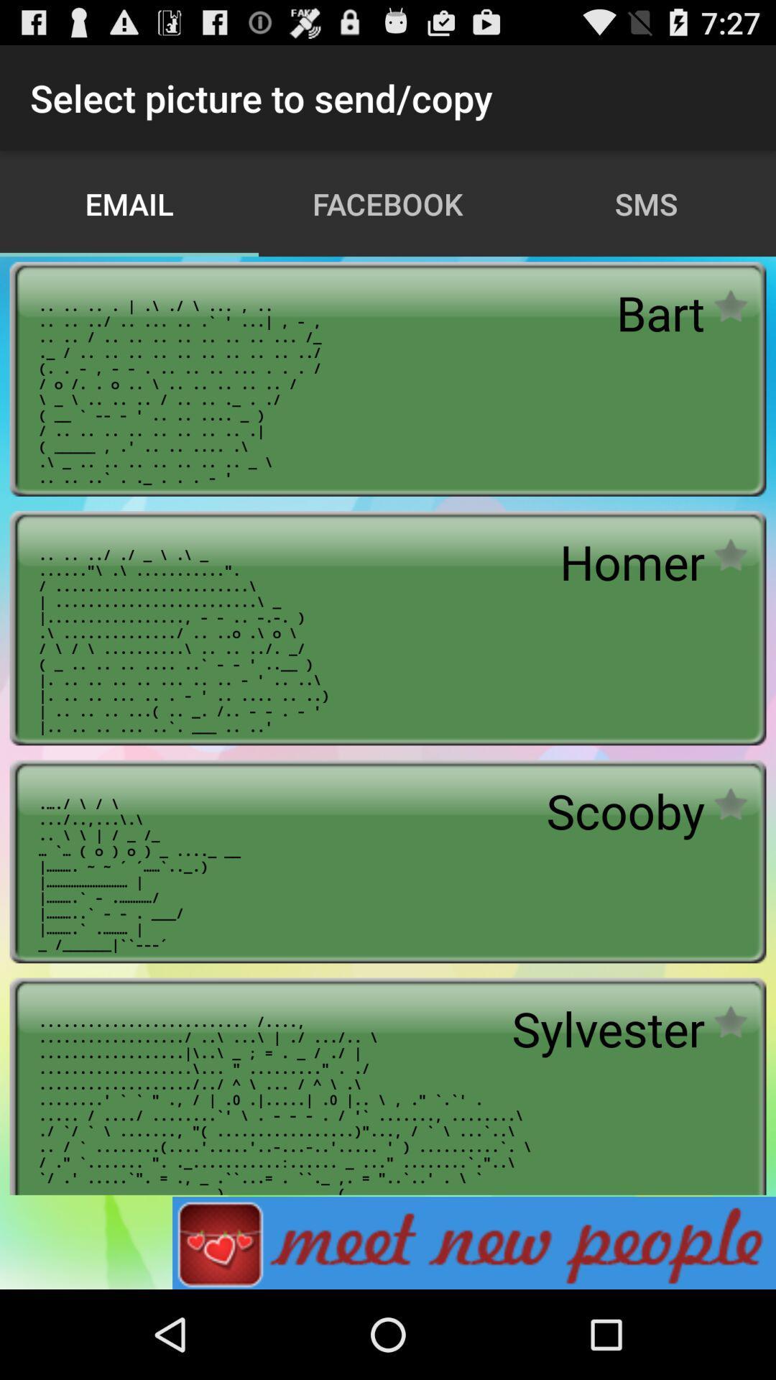 The width and height of the screenshot is (776, 1380). I want to click on item below the _ _ 0 icon, so click(474, 1242).